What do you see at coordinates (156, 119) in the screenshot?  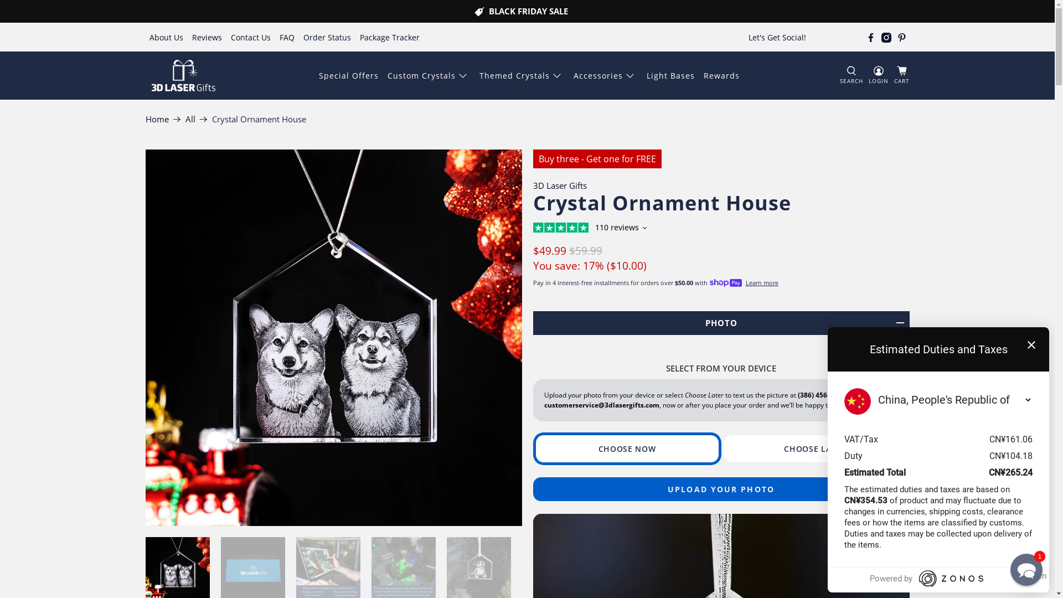 I see `'Home'` at bounding box center [156, 119].